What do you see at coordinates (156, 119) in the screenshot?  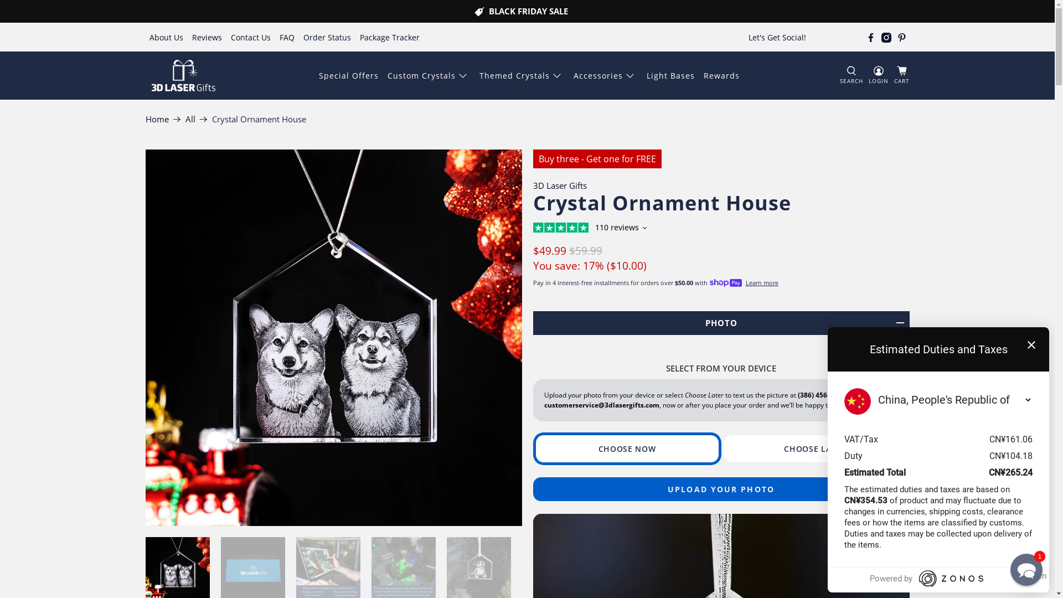 I see `'Home'` at bounding box center [156, 119].